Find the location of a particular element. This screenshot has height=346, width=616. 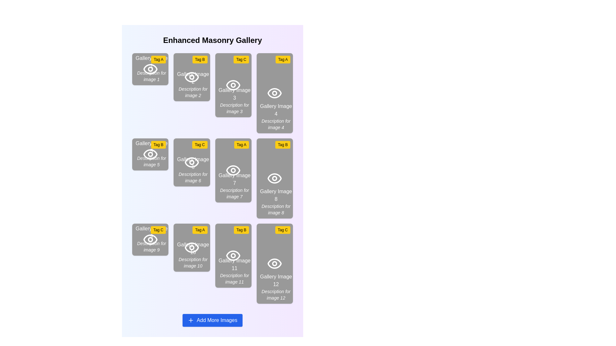

the outer boundary of the eye icon in the gallery thumbnail for 'Gallery Image 11' is located at coordinates (233, 255).